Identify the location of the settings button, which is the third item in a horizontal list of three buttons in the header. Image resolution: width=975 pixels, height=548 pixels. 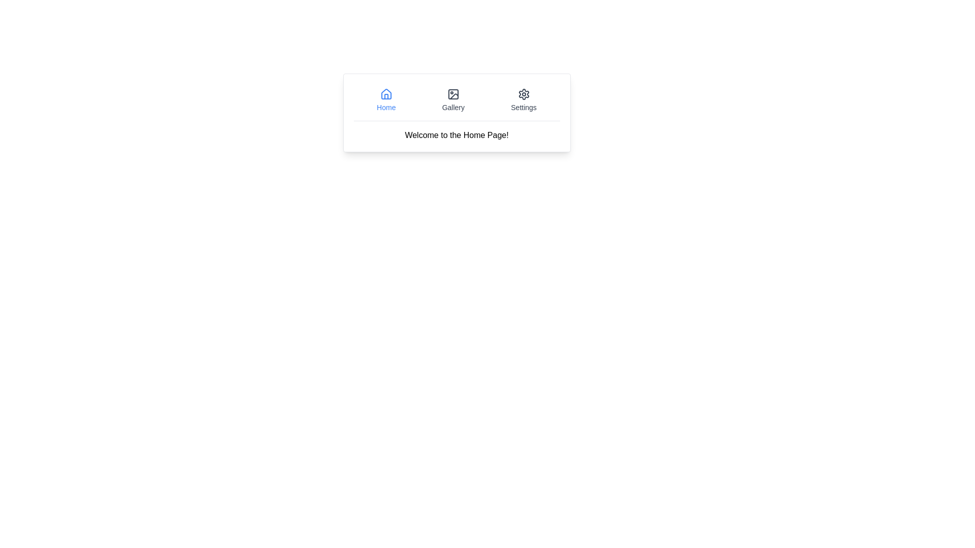
(524, 100).